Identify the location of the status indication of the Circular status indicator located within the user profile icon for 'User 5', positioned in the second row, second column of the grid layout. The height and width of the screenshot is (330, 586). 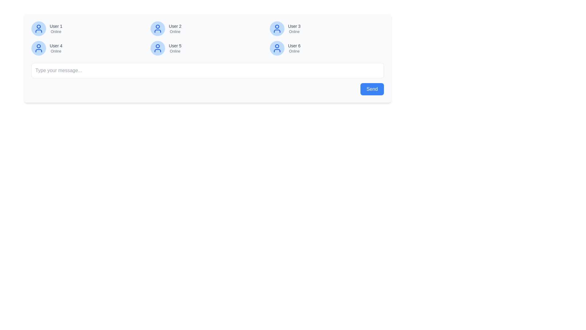
(158, 46).